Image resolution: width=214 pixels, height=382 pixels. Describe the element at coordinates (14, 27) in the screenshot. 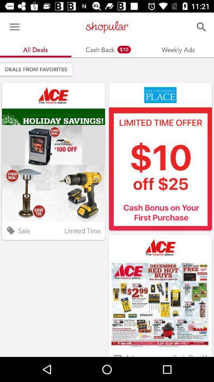

I see `icon next to cash back icon` at that location.